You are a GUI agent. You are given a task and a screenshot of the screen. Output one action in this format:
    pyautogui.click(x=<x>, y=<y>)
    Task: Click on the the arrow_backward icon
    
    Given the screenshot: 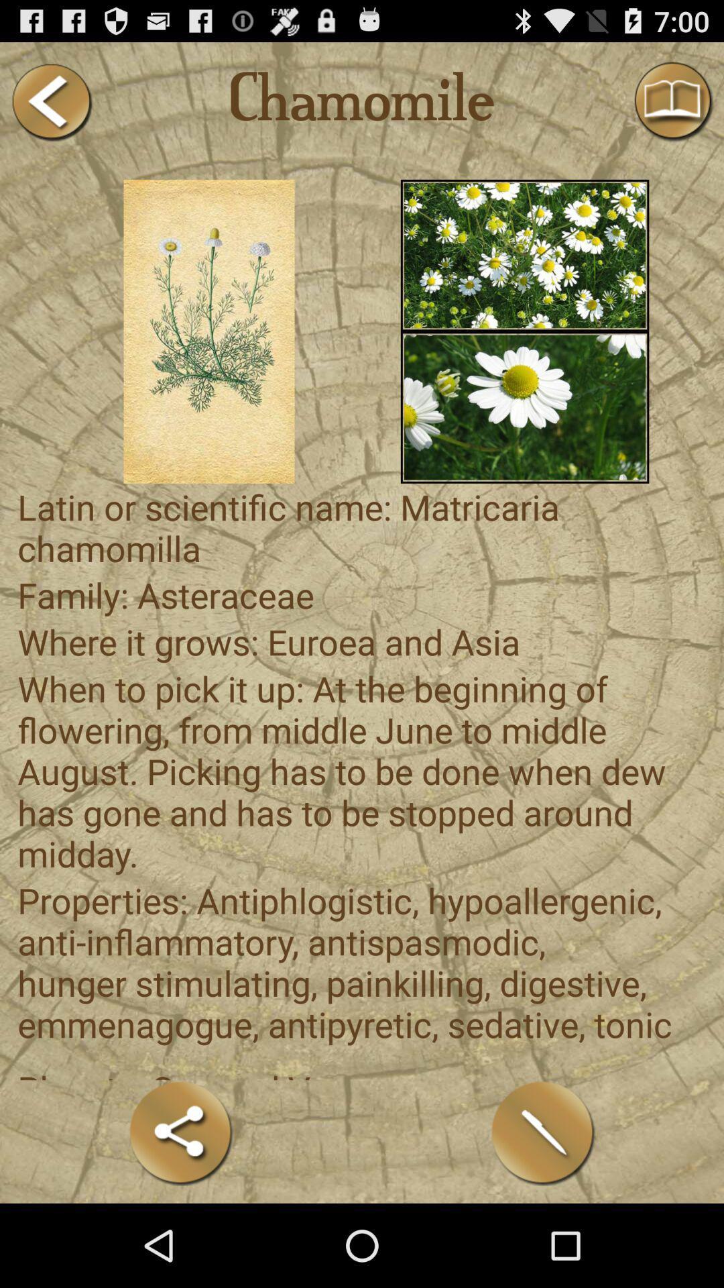 What is the action you would take?
    pyautogui.click(x=50, y=109)
    